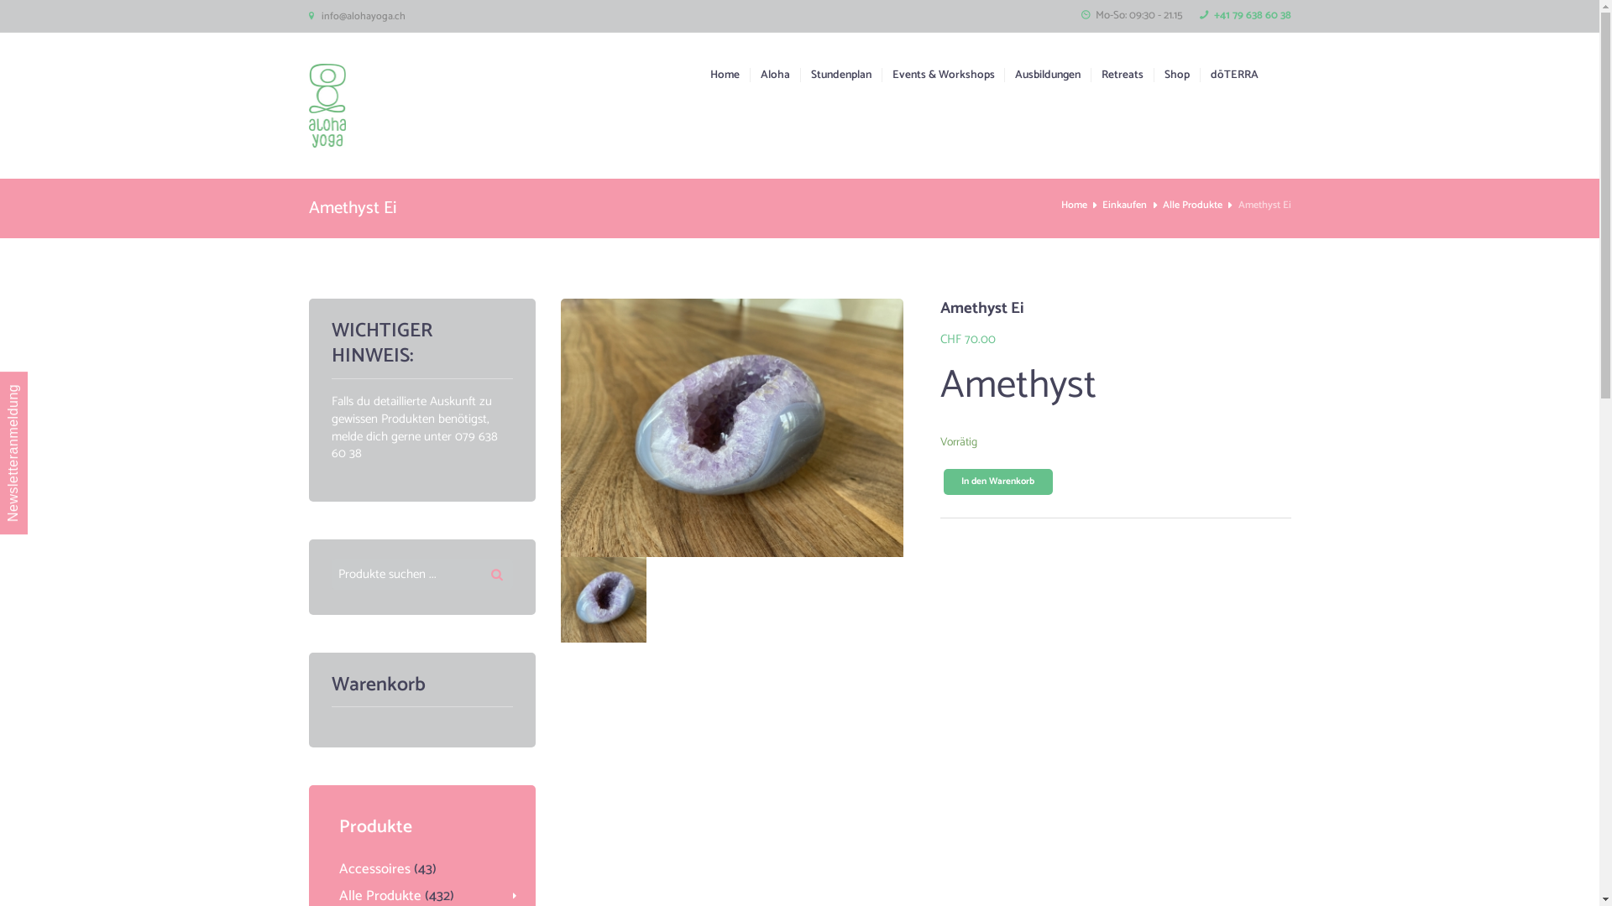 The height and width of the screenshot is (906, 1612). Describe the element at coordinates (421, 574) in the screenshot. I see `'Search for products:'` at that location.